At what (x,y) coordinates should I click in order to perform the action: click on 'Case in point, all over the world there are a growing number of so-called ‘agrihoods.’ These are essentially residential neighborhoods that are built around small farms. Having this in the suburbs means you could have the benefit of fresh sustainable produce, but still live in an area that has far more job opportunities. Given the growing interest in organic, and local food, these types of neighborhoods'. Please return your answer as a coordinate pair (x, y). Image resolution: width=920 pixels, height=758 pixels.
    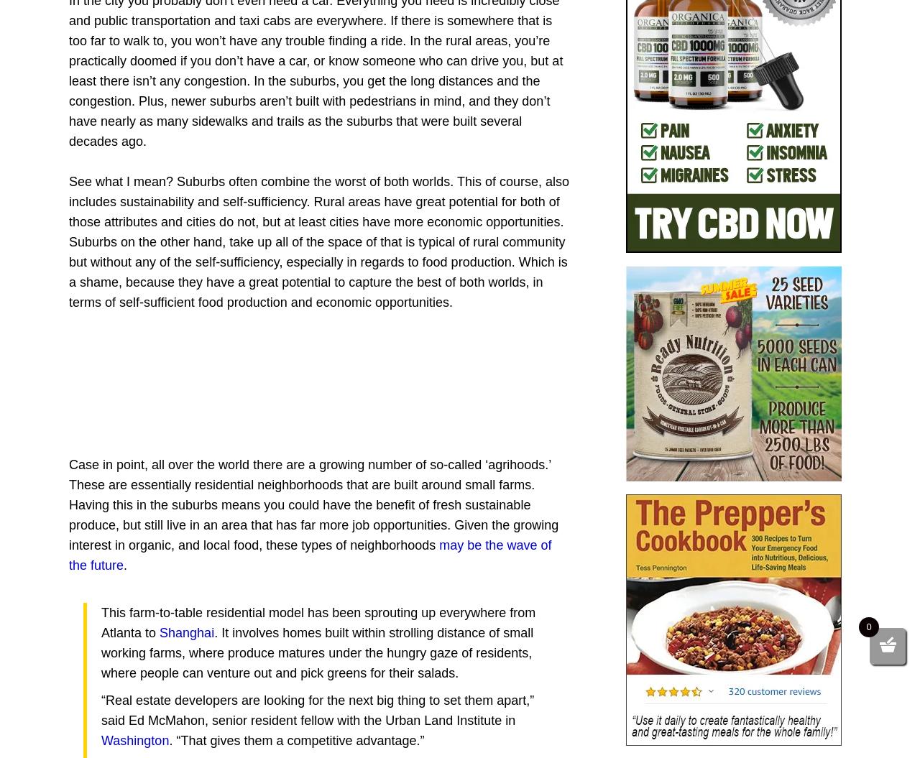
    Looking at the image, I should click on (313, 504).